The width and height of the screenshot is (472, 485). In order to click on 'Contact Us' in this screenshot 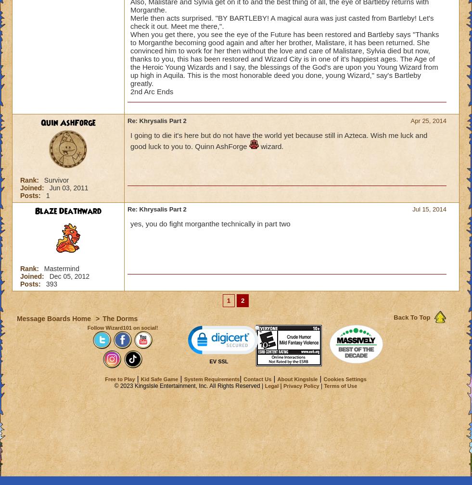, I will do `click(257, 379)`.